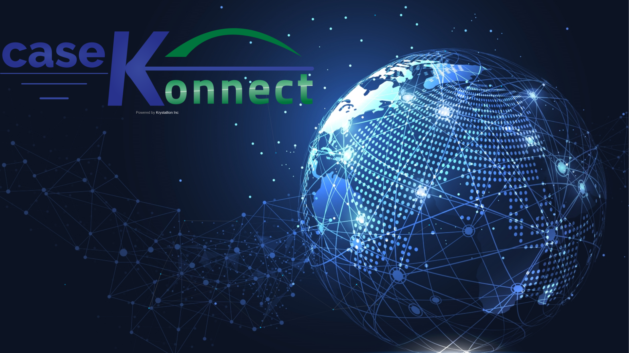  What do you see at coordinates (157, 75) in the screenshot?
I see `'Powered by Krystallion Inc'` at bounding box center [157, 75].